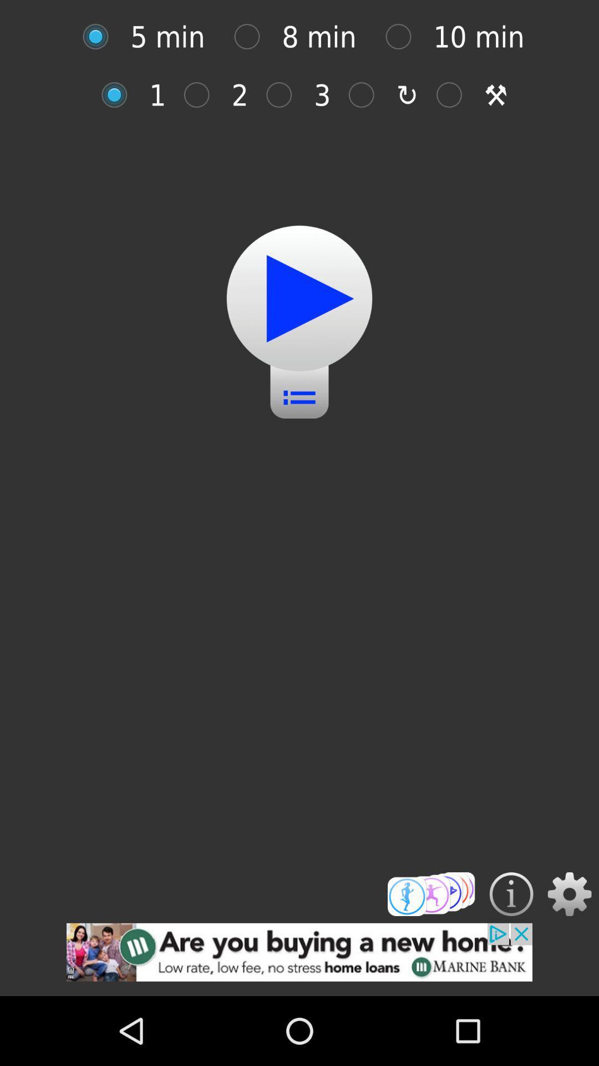 This screenshot has width=599, height=1066. Describe the element at coordinates (367, 95) in the screenshot. I see `third option` at that location.